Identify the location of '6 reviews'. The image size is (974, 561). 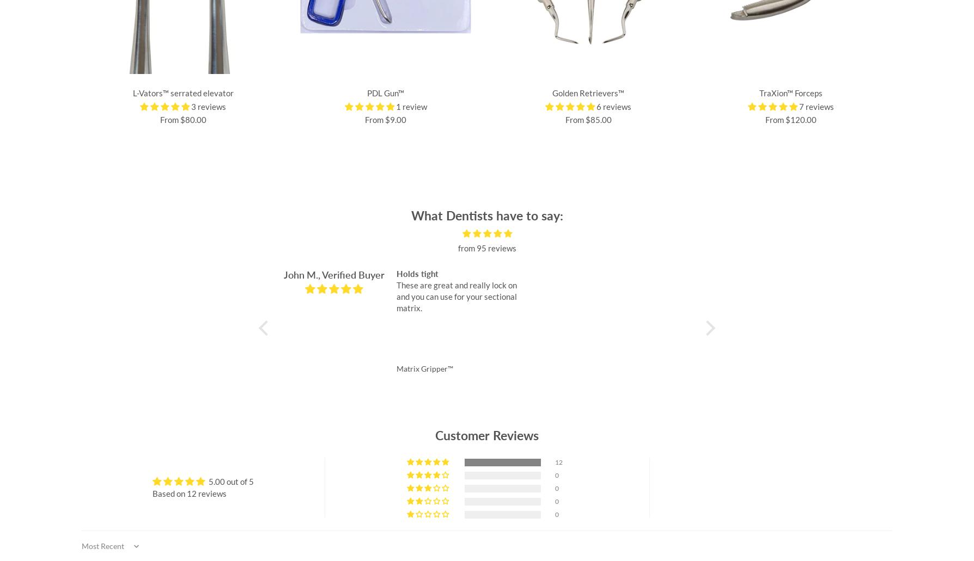
(613, 106).